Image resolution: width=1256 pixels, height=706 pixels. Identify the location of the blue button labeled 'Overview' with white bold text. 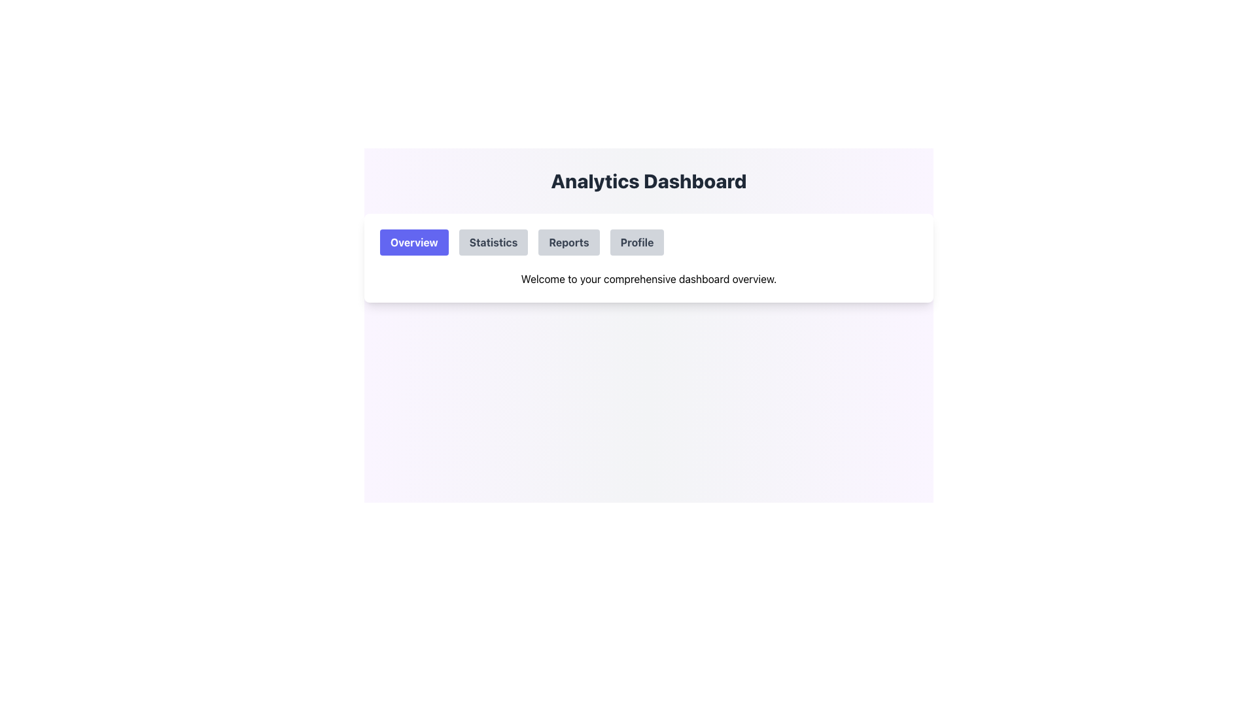
(413, 242).